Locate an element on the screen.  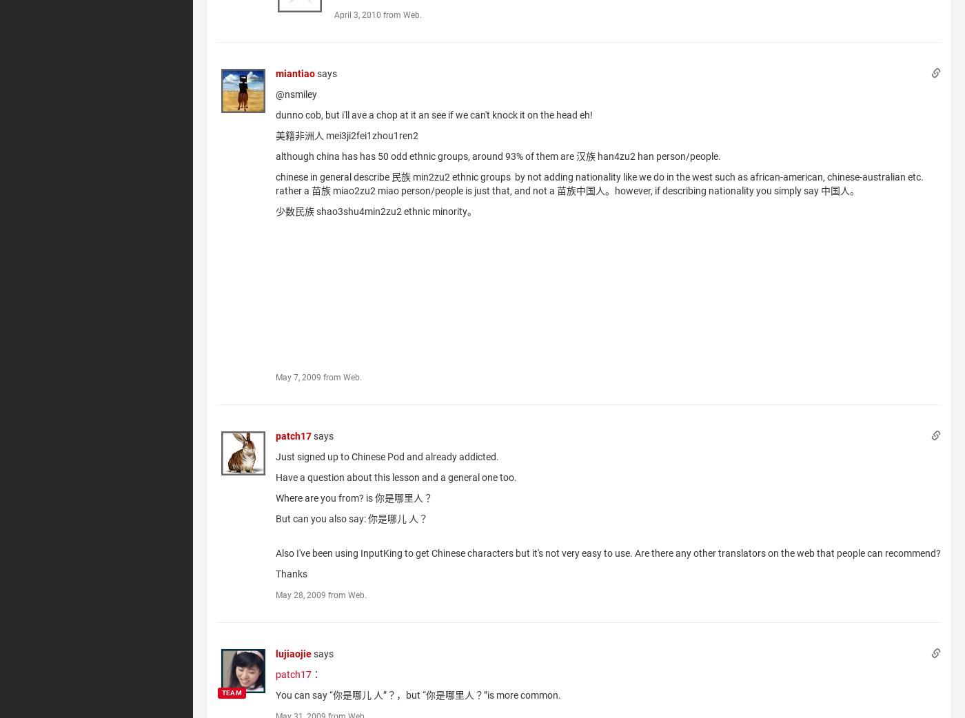
'April 3, 2010 from  Web.' is located at coordinates (378, 14).